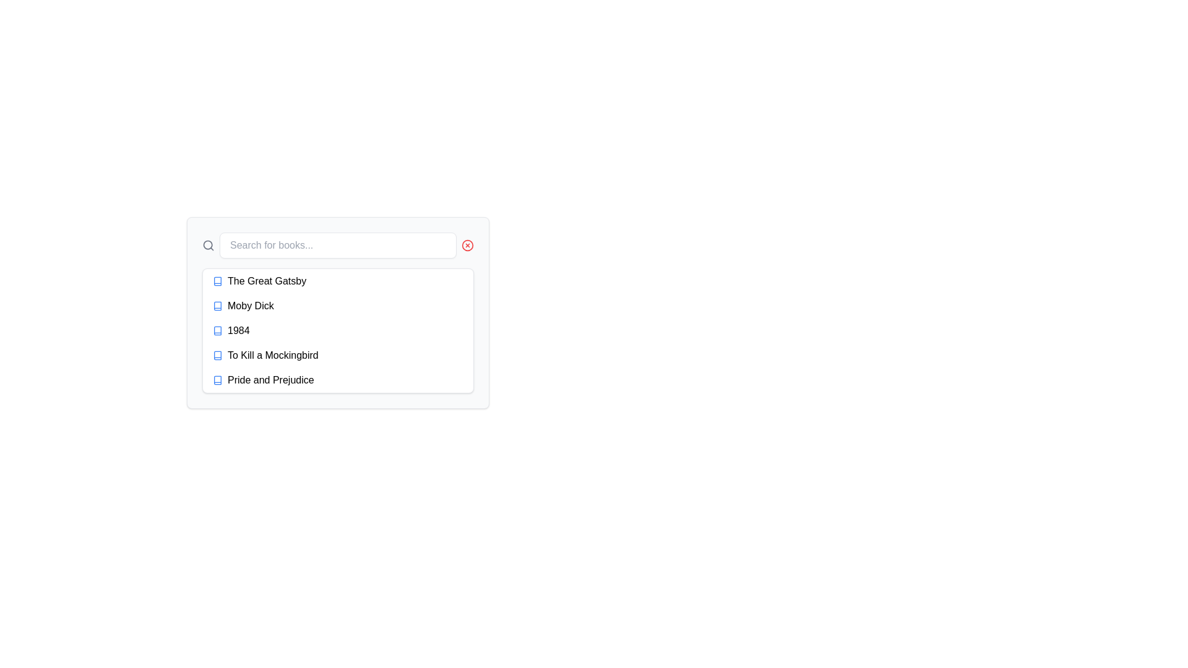 The height and width of the screenshot is (668, 1188). Describe the element at coordinates (217, 355) in the screenshot. I see `the blue book icon in the SVG component, which is positioned to the left of the title 'To Kill a Mockingbird'` at that location.